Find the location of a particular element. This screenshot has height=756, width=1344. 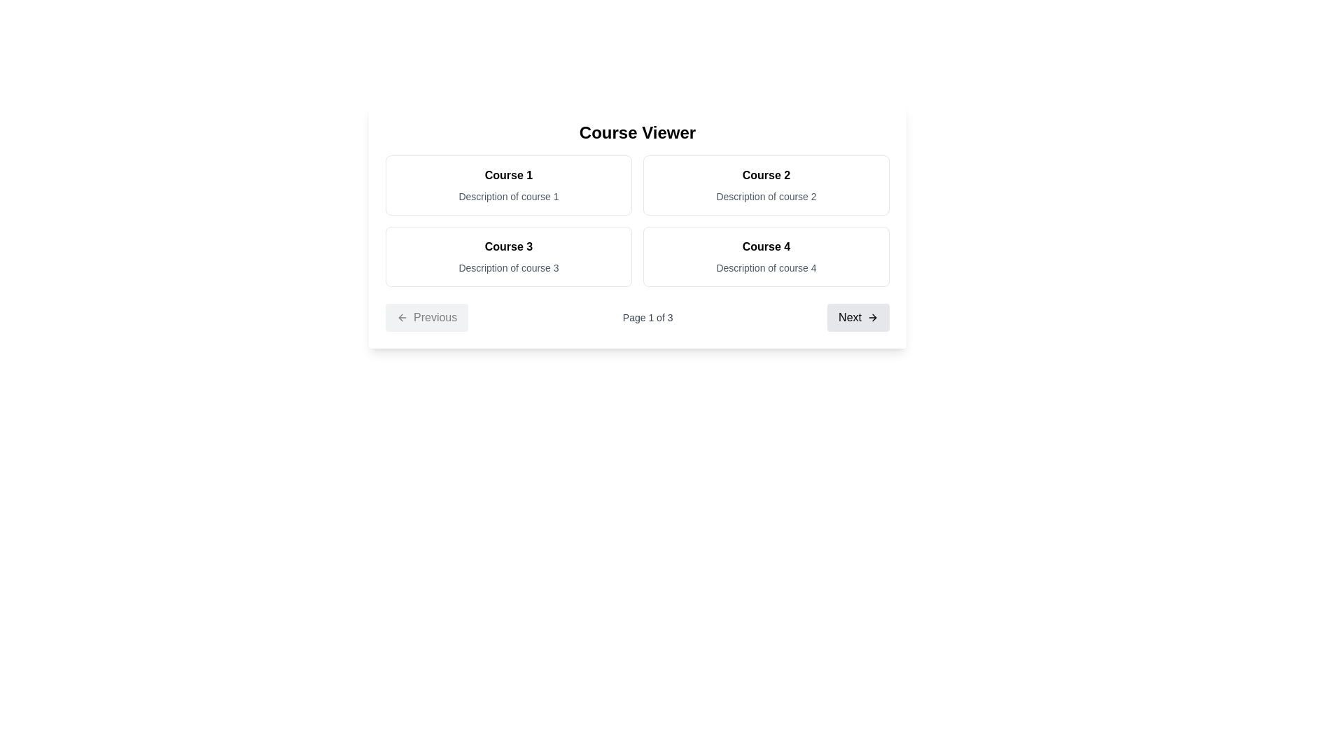

the informational card labeled 'Course 3' that contains a description of the course, located in the bottom-left cell of a 2-row, 2-column grid layout is located at coordinates (507, 256).